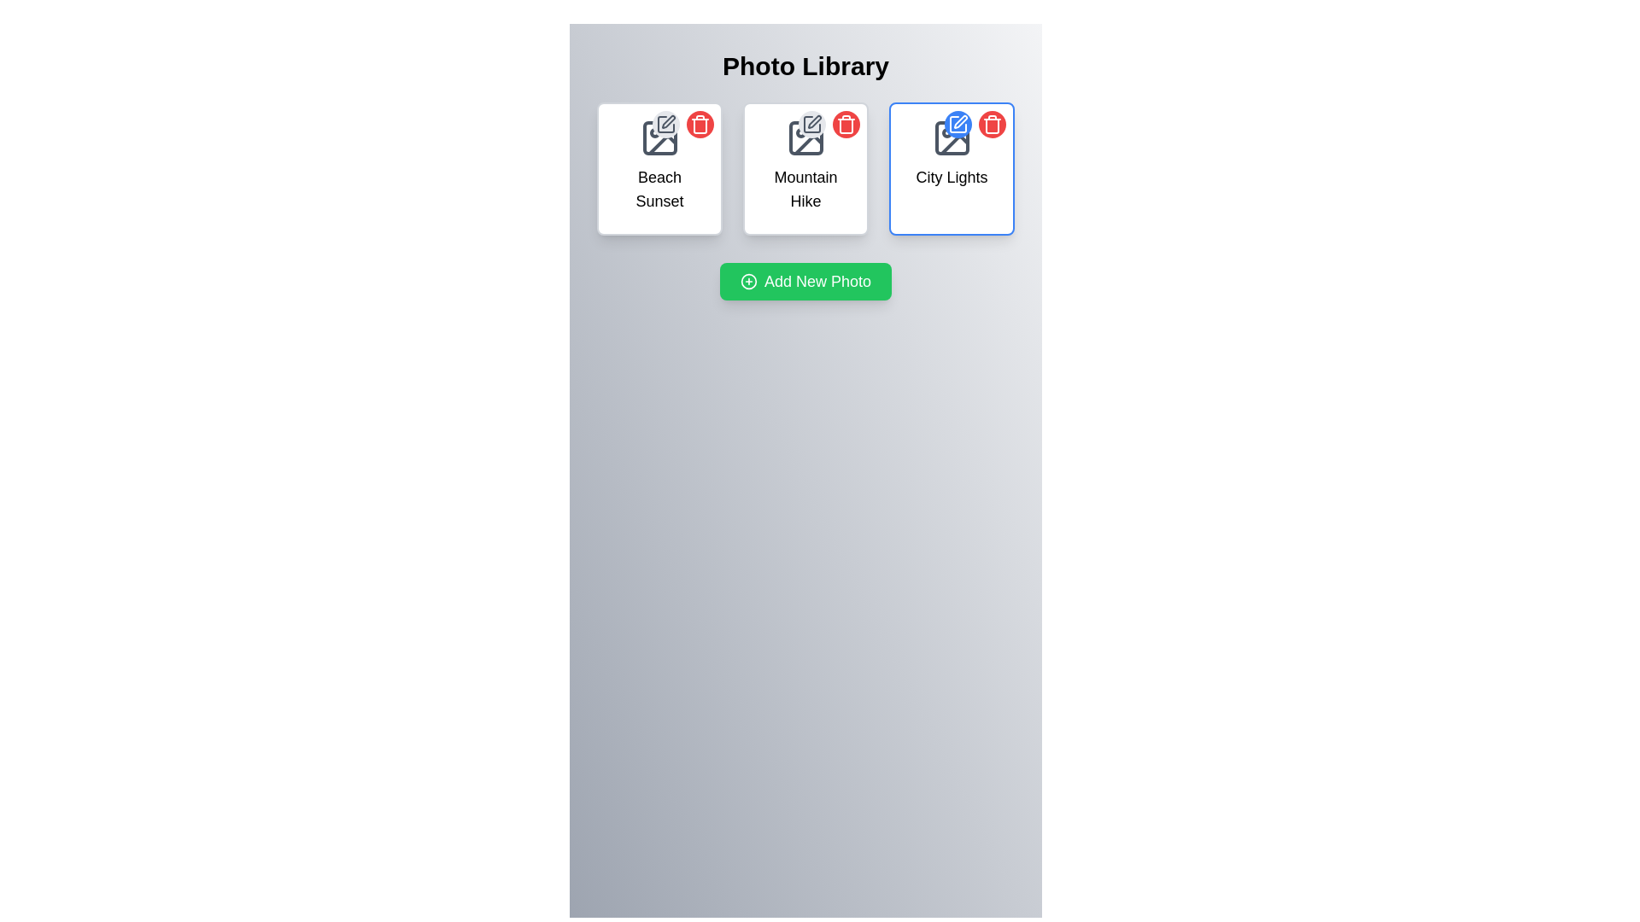 The image size is (1640, 922). I want to click on the edit and delete buttons in the Interactive control group of the 'Beach Sunset' card, so click(683, 124).